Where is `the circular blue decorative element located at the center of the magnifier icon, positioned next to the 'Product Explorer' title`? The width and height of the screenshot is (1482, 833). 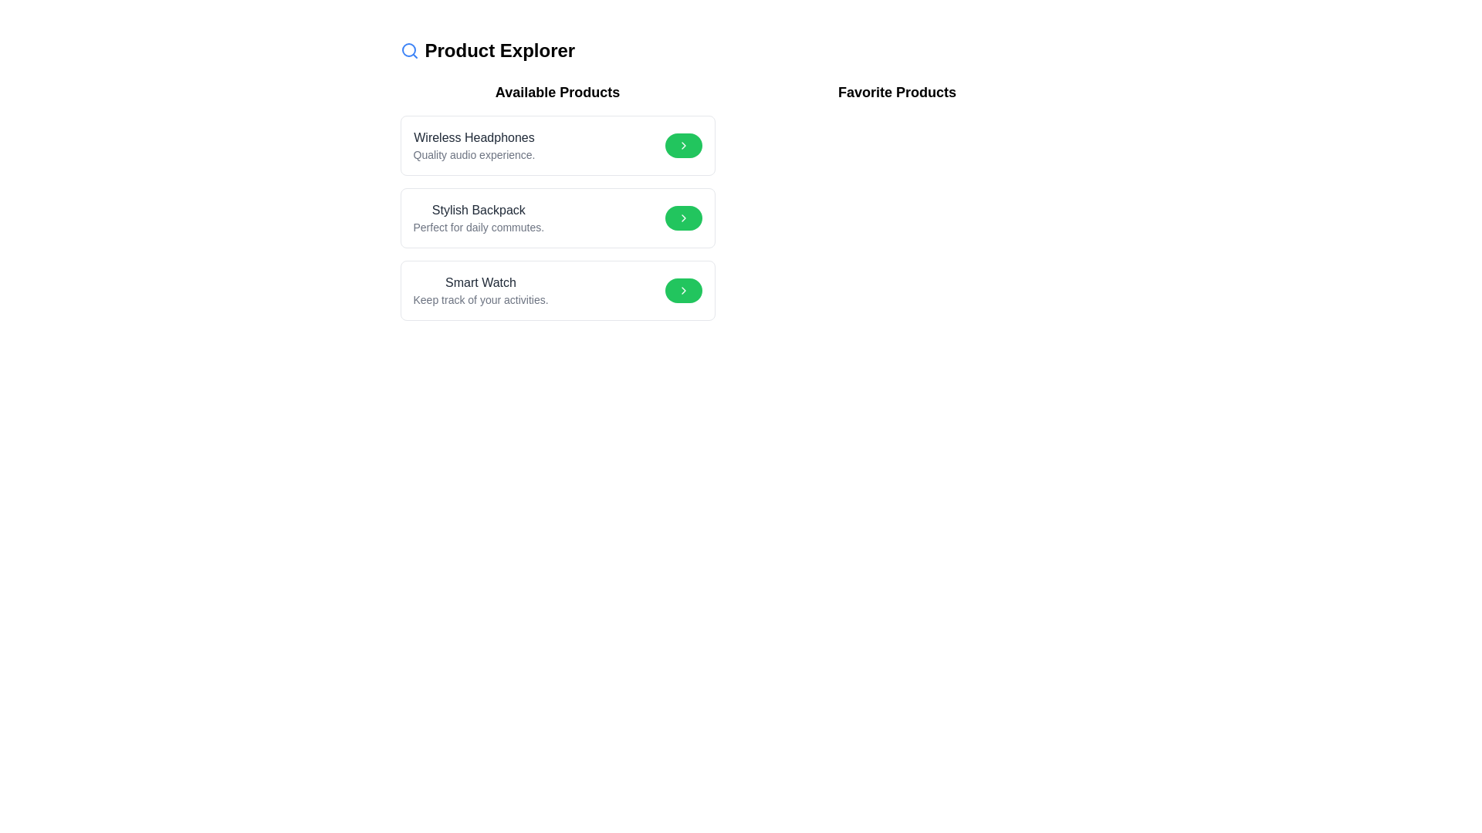
the circular blue decorative element located at the center of the magnifier icon, positioned next to the 'Product Explorer' title is located at coordinates (408, 49).